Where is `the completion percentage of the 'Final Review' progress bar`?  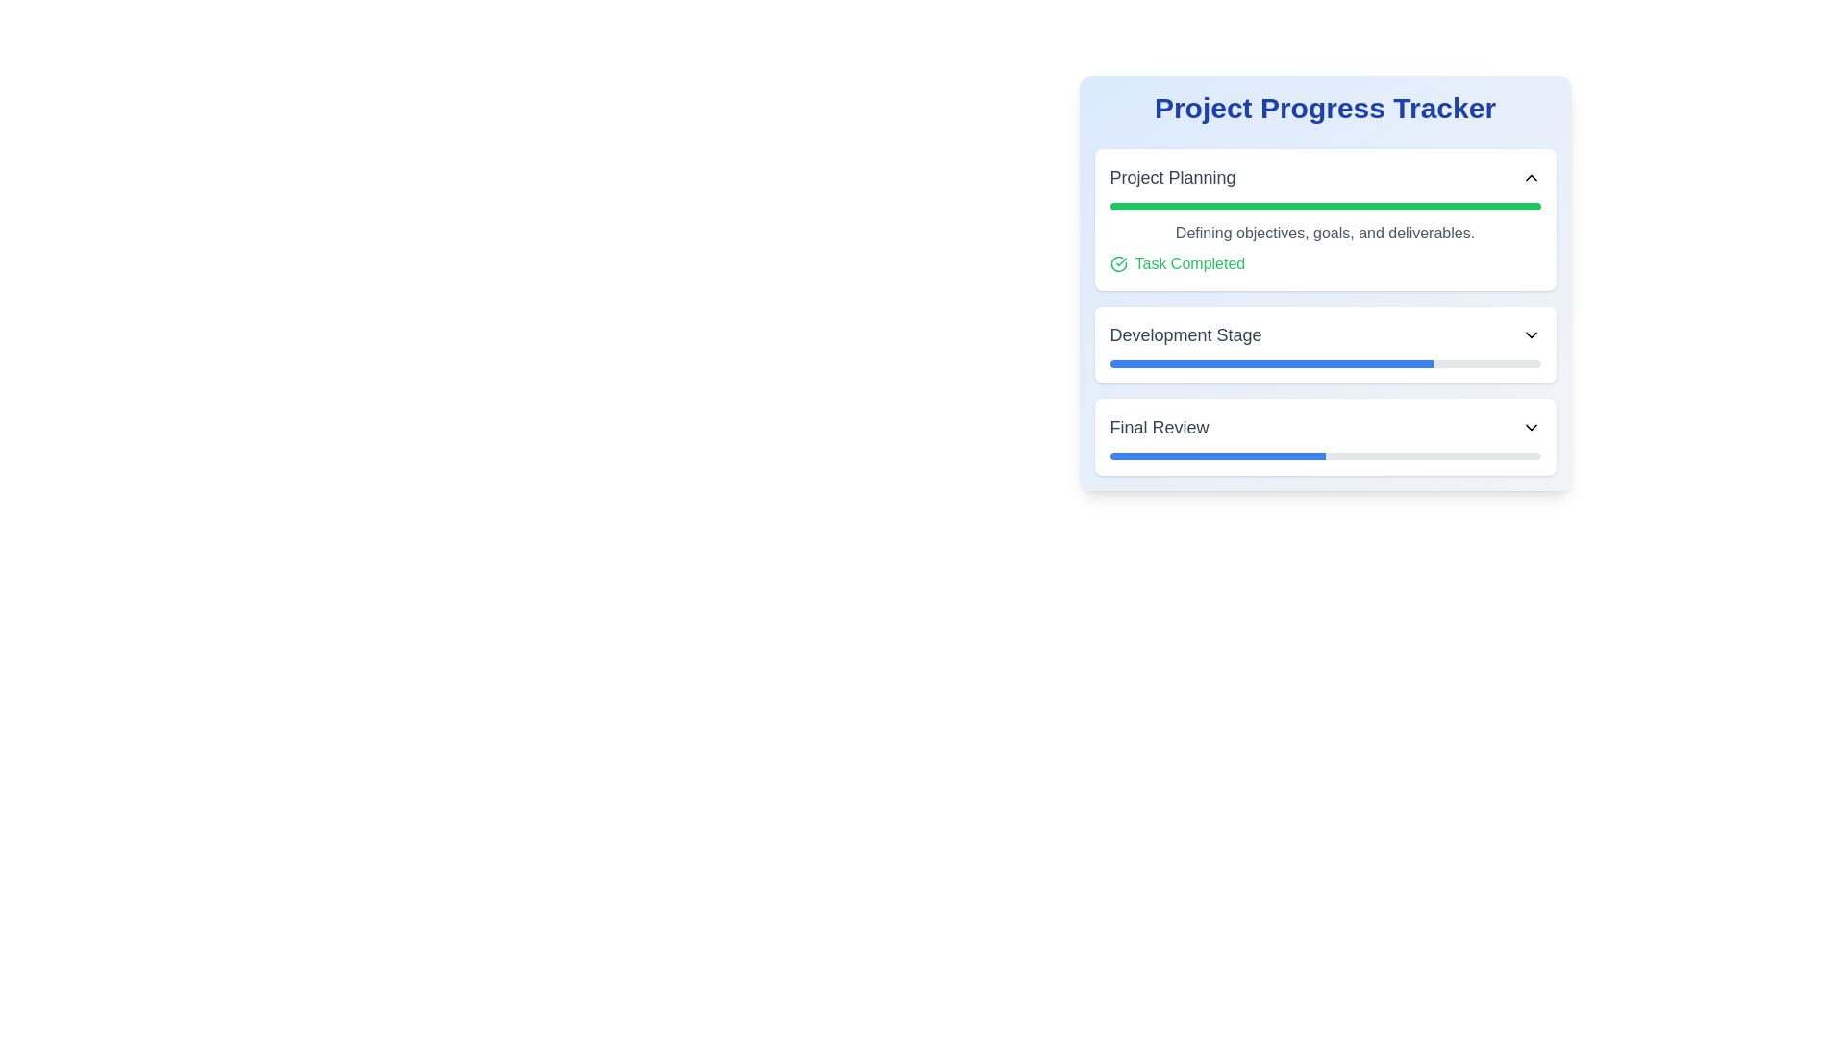
the completion percentage of the 'Final Review' progress bar is located at coordinates (1216, 456).